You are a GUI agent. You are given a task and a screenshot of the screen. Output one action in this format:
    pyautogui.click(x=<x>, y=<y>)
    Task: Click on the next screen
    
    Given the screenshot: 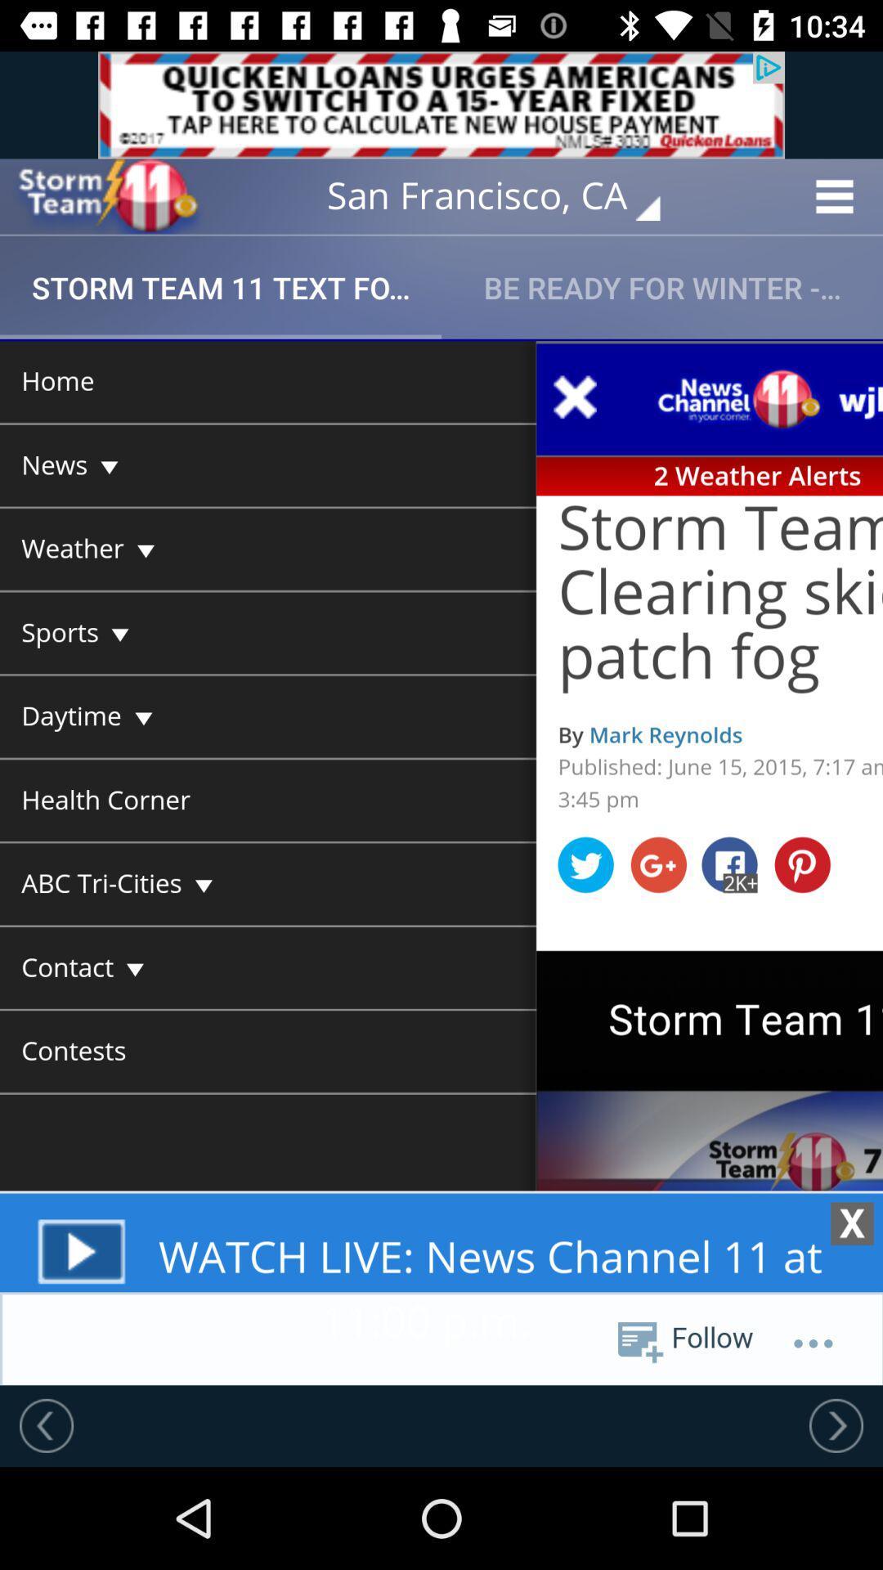 What is the action you would take?
    pyautogui.click(x=836, y=1424)
    